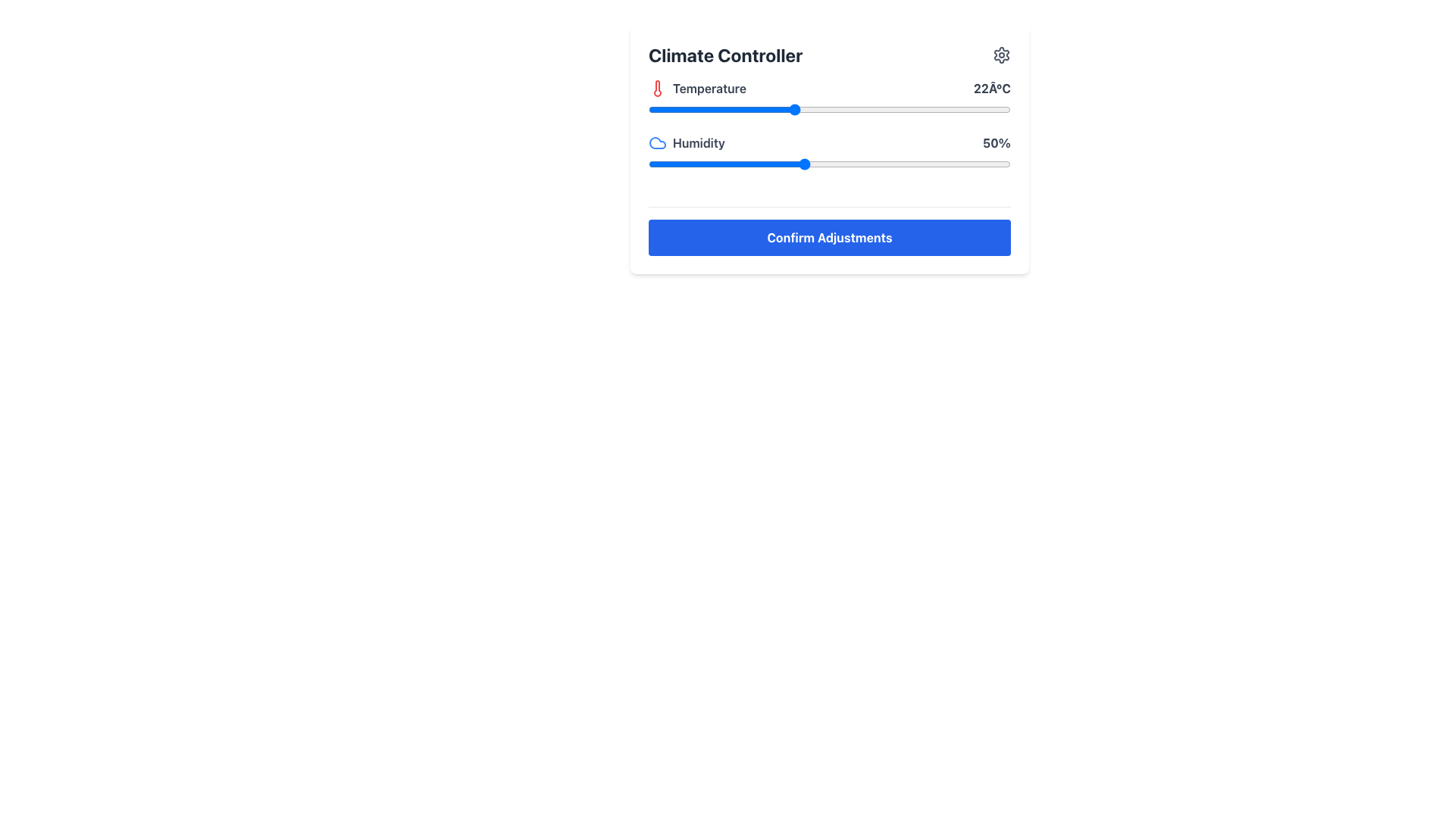  Describe the element at coordinates (817, 109) in the screenshot. I see `the temperature` at that location.